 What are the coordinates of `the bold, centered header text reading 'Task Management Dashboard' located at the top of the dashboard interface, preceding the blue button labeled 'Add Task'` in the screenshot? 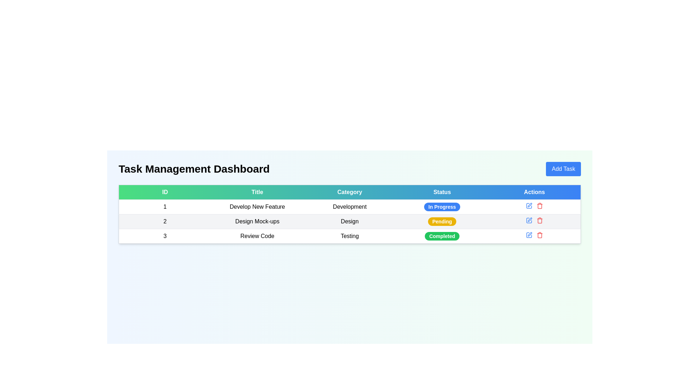 It's located at (194, 169).